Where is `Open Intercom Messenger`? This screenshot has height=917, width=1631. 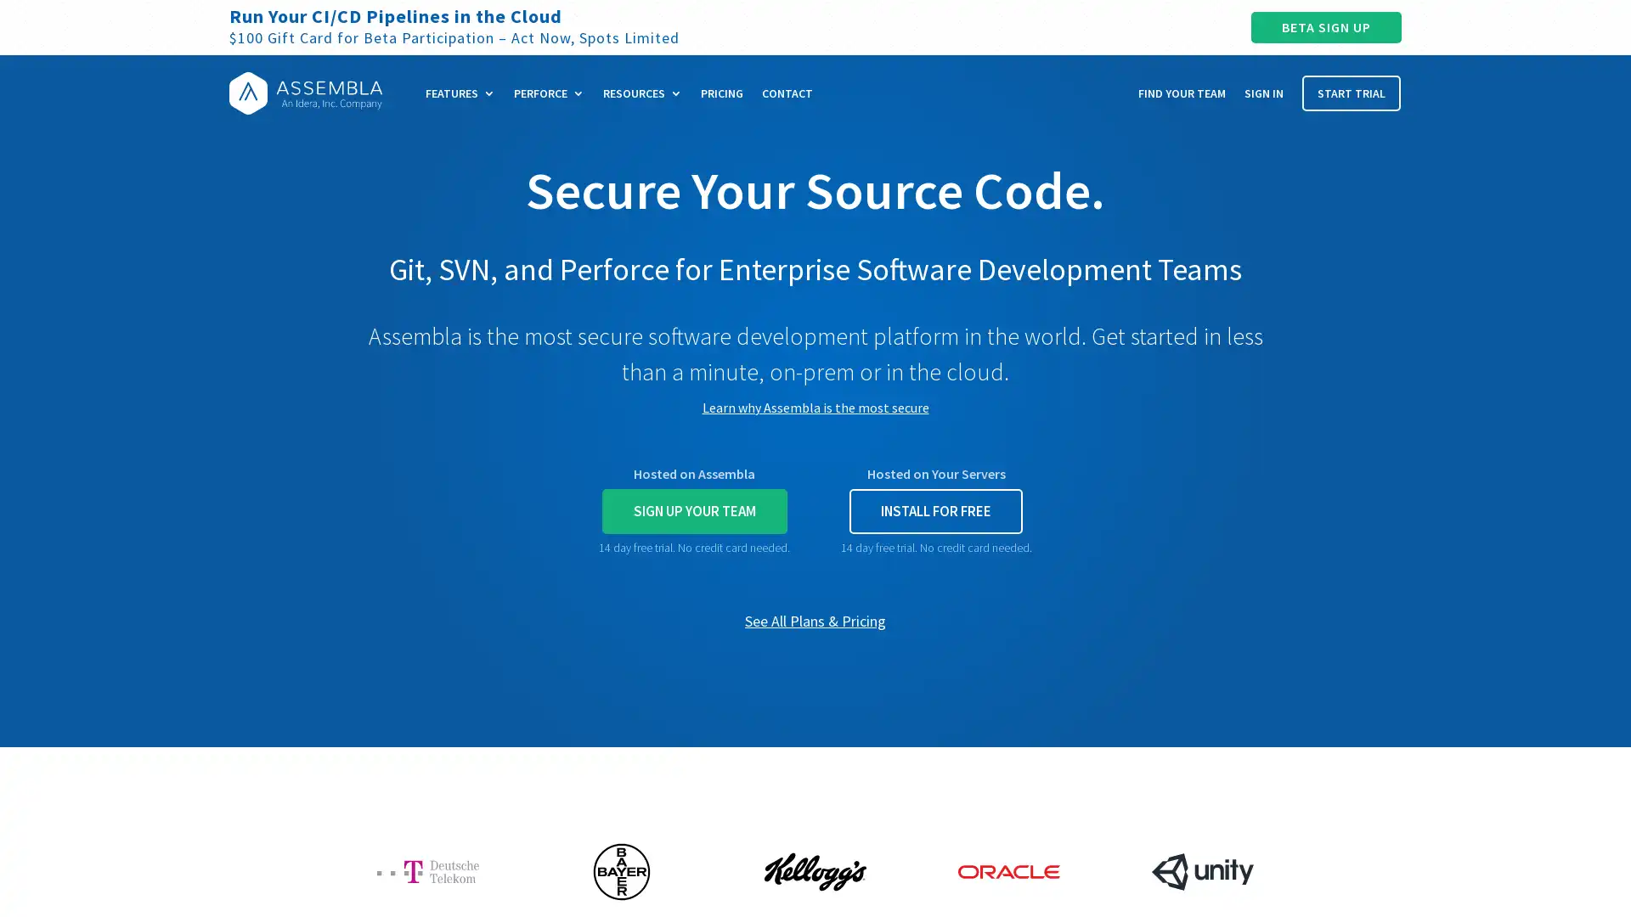 Open Intercom Messenger is located at coordinates (1588, 874).